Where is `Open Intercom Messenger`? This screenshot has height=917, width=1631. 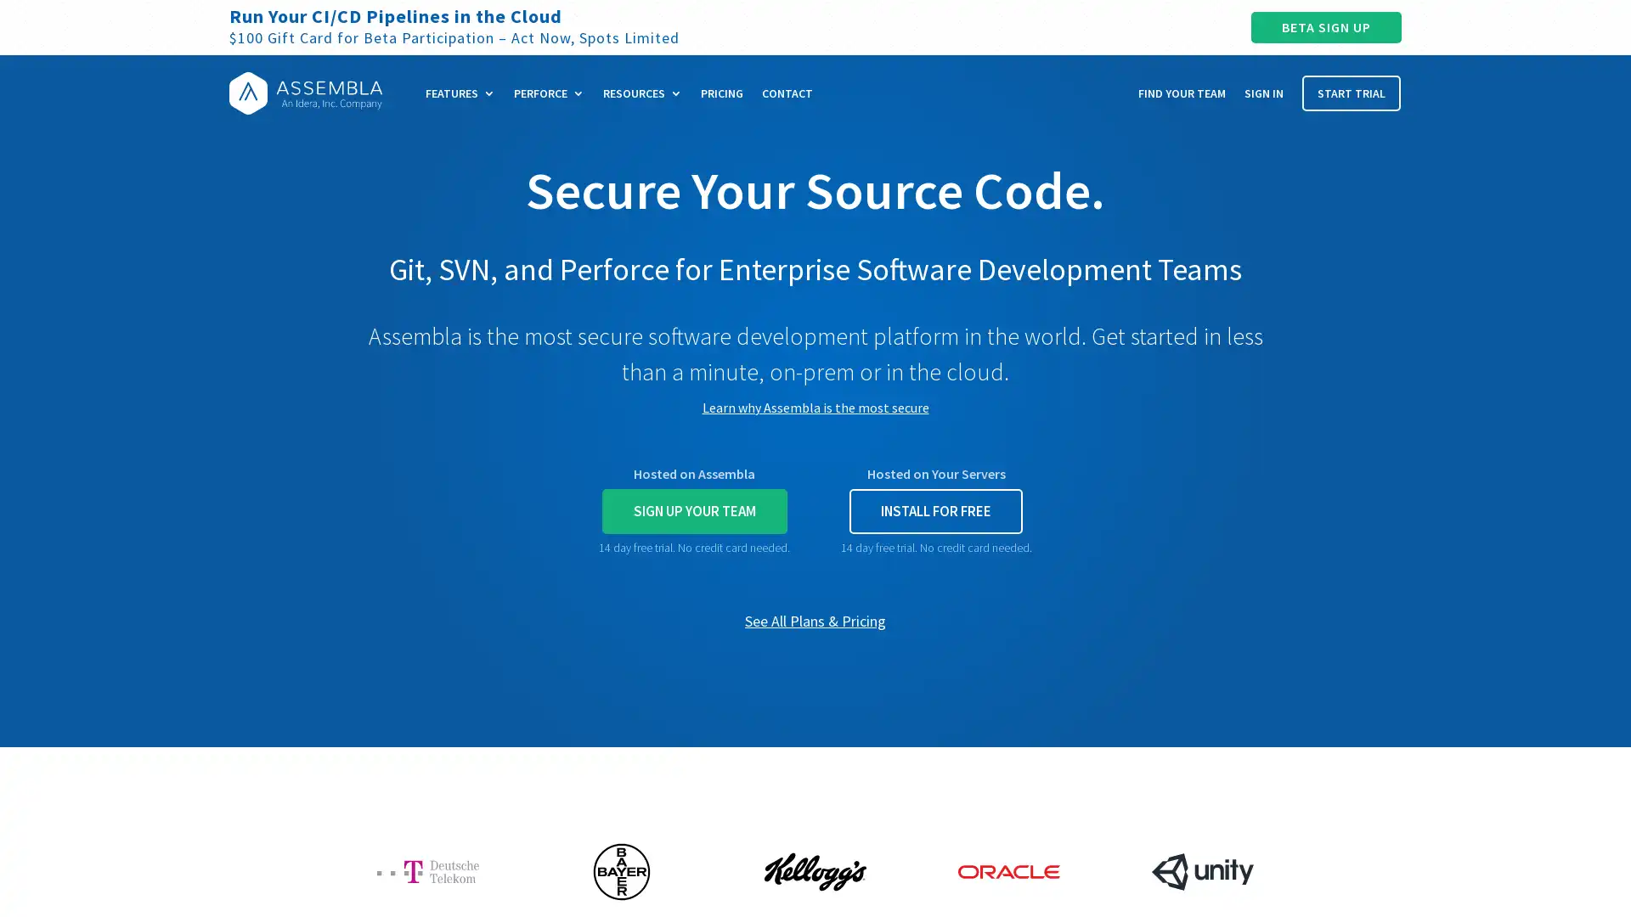 Open Intercom Messenger is located at coordinates (1588, 874).